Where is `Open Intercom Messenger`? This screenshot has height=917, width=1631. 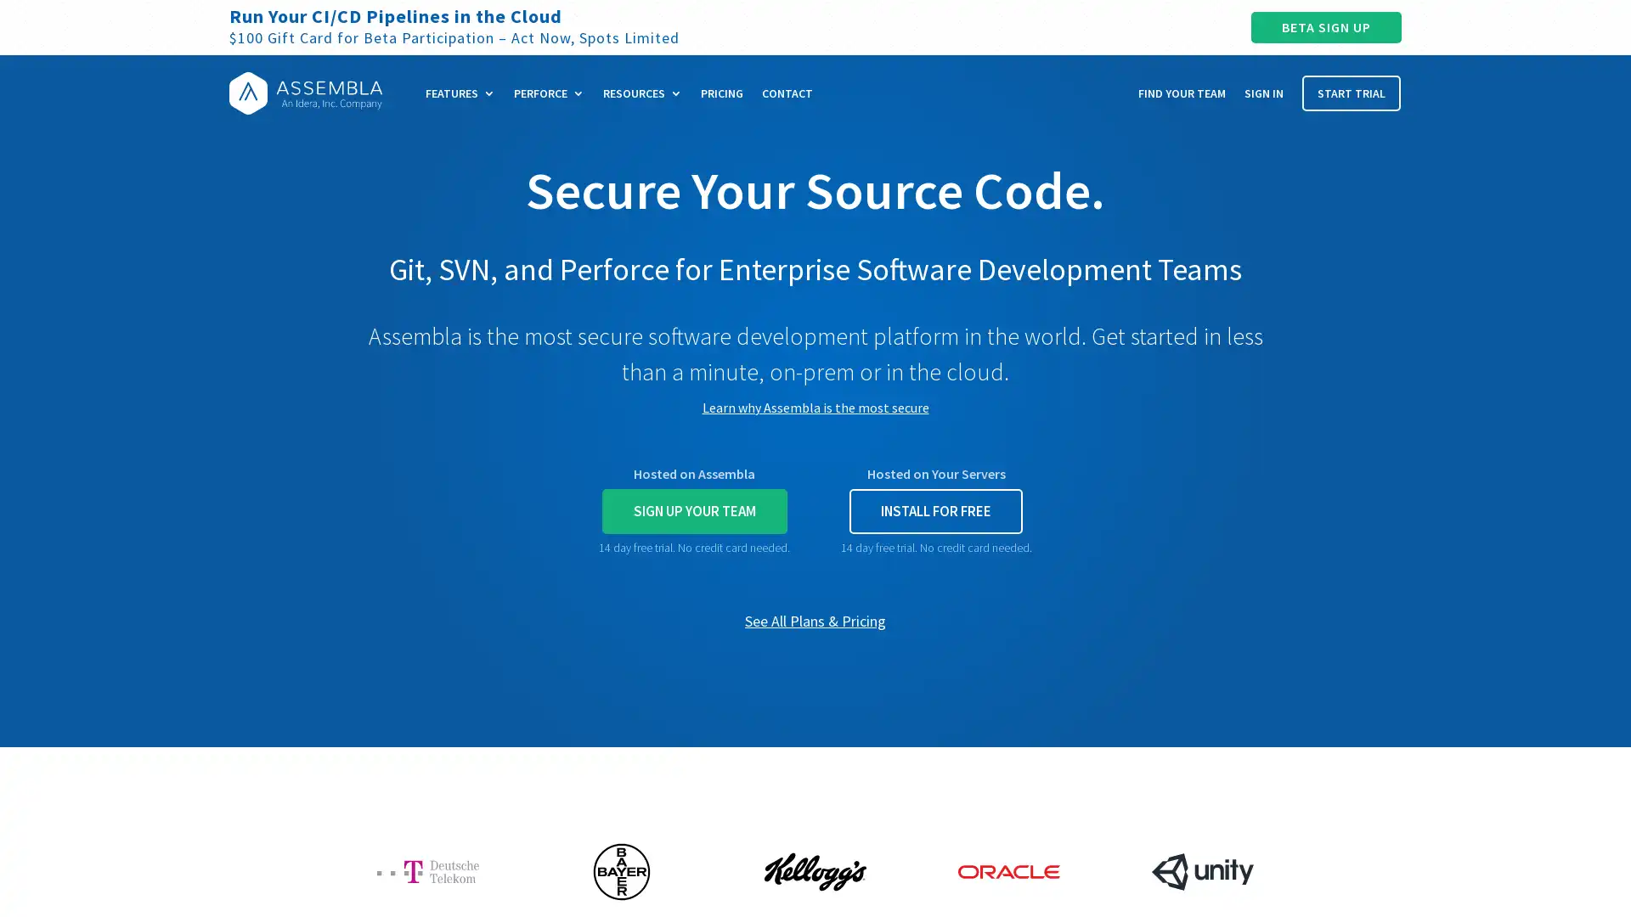 Open Intercom Messenger is located at coordinates (1588, 874).